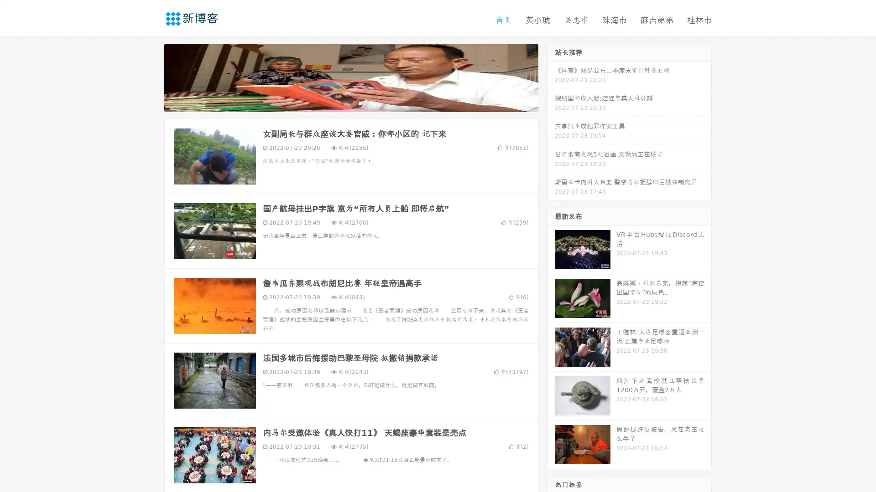 The width and height of the screenshot is (876, 492). I want to click on Previous slide, so click(151, 77).